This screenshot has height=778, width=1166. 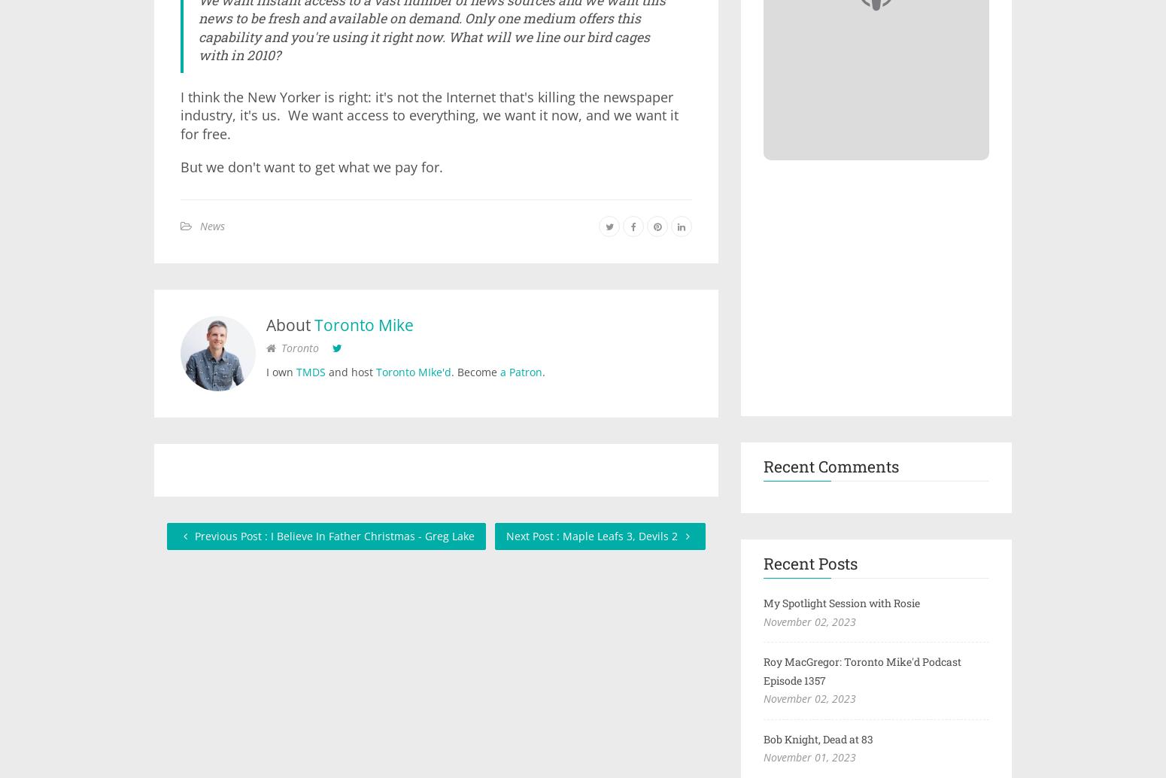 I want to click on 'I own', so click(x=281, y=370).